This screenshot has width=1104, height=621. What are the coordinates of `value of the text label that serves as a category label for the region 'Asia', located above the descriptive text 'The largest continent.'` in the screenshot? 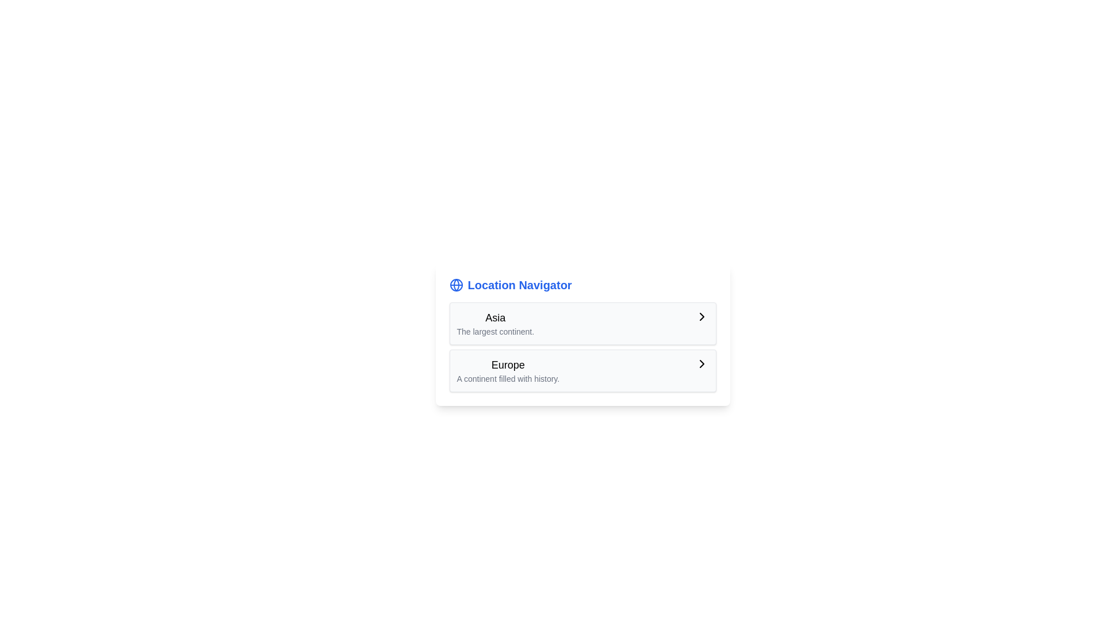 It's located at (495, 317).